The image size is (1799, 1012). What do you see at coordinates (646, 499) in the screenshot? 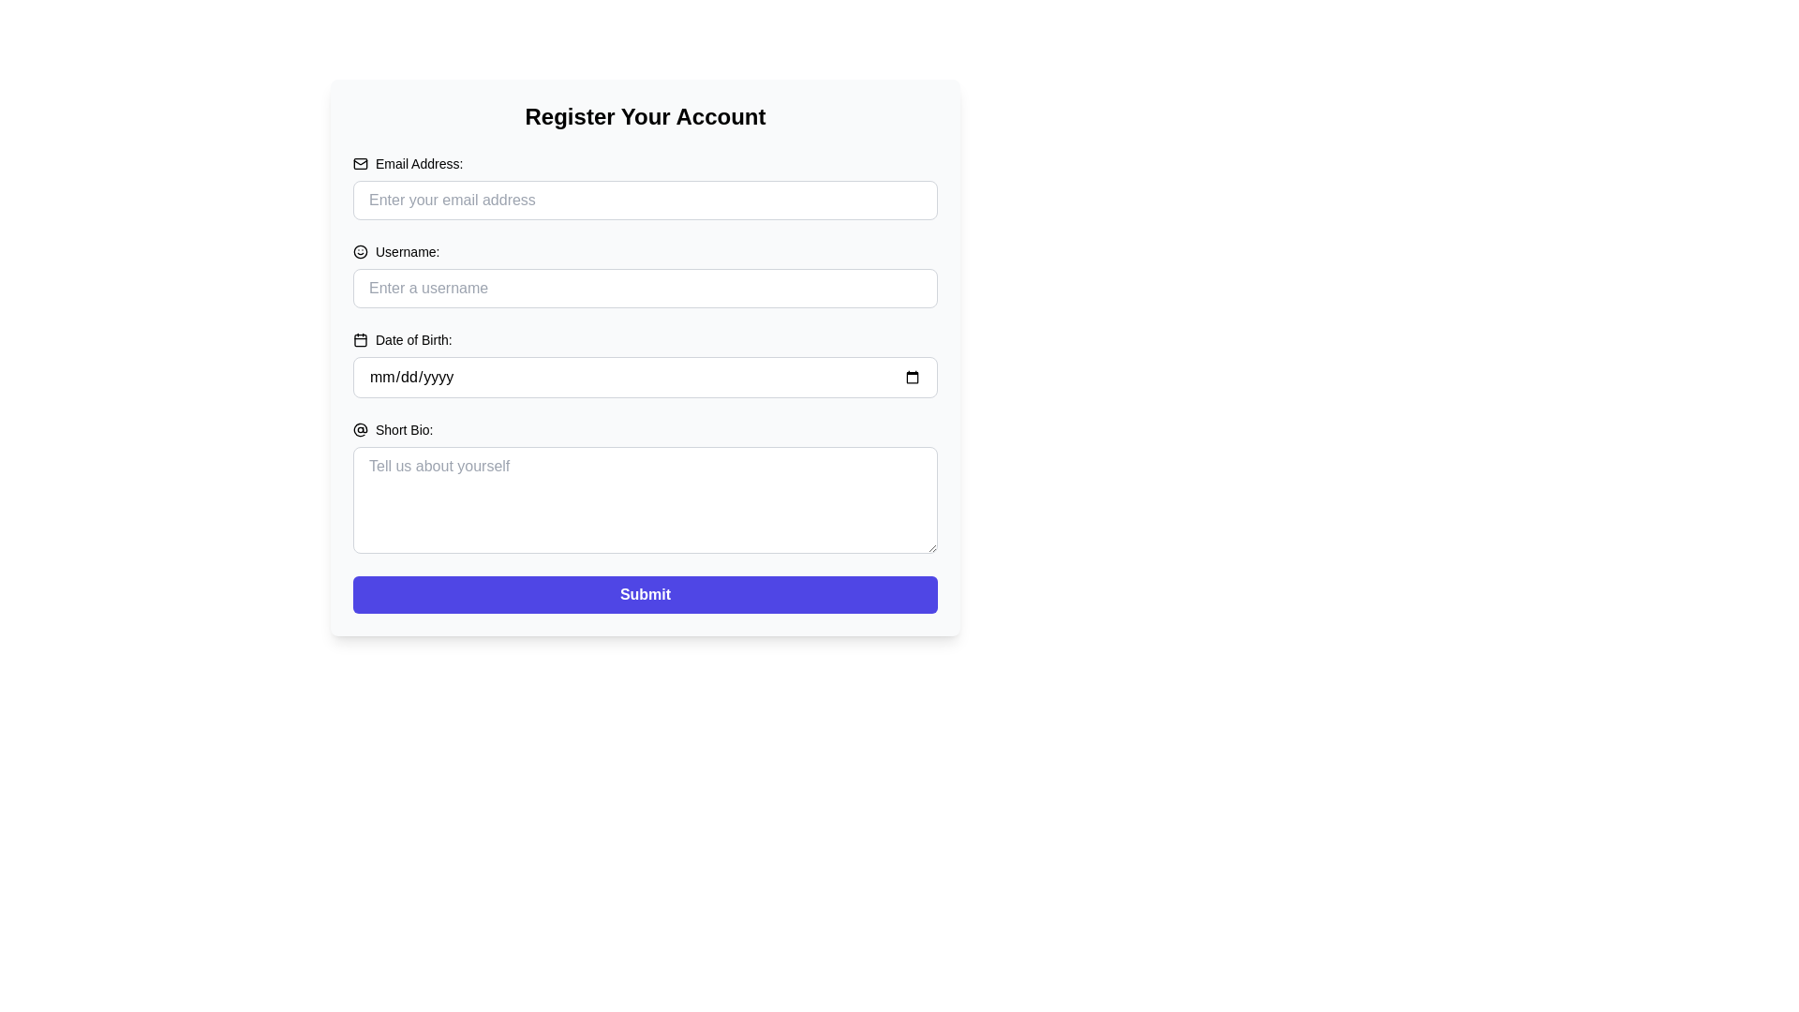
I see `the existing text in the multi-line text input box labeled 'Tell us about yourself' below the section 'Short Bio:'` at bounding box center [646, 499].